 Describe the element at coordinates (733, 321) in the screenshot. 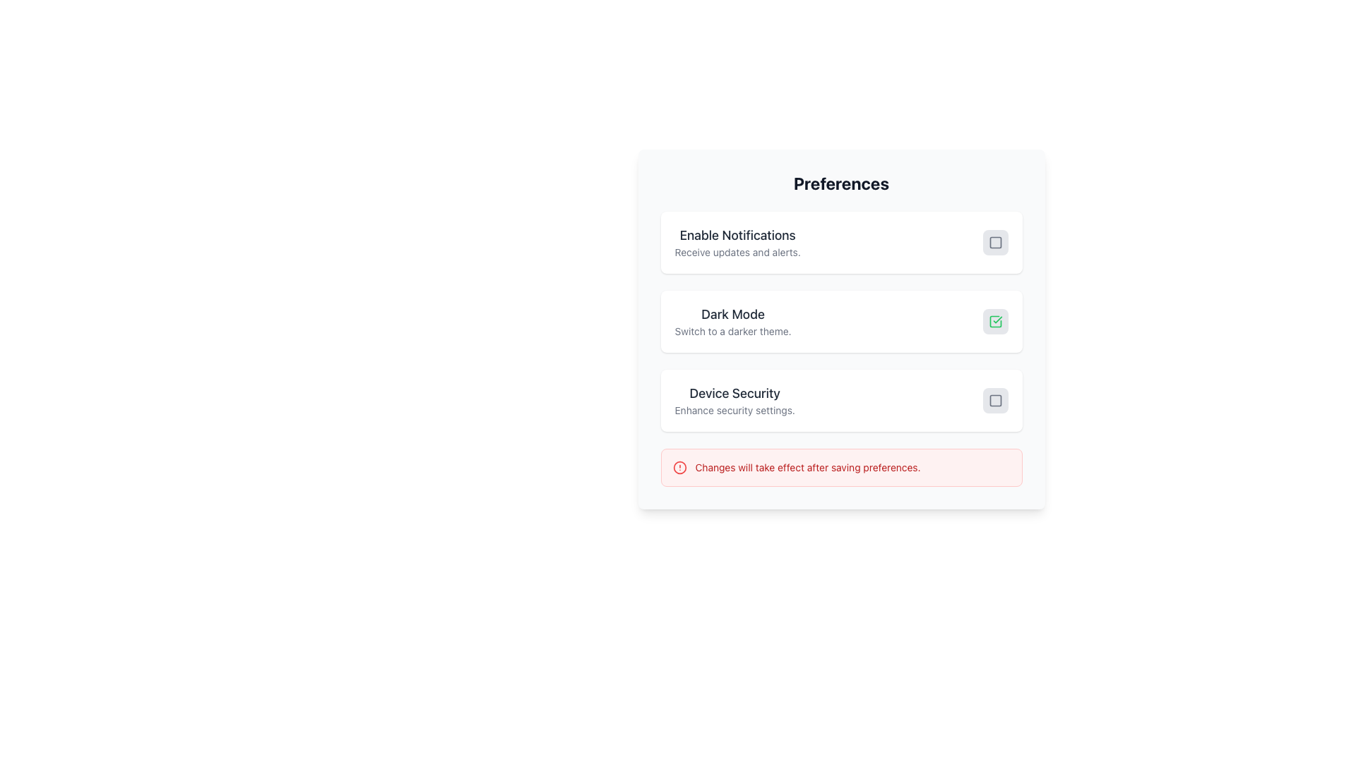

I see `text of the second item in the vertical list of options within the 'Preferences' section, which describes the toggle functionality for enabling or disabling dark mode` at that location.